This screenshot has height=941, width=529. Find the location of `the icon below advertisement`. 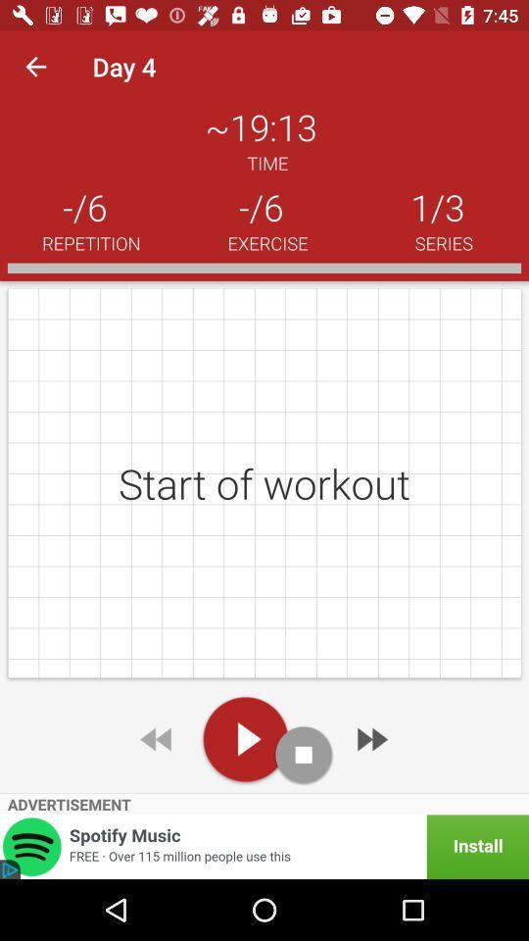

the icon below advertisement is located at coordinates (264, 846).